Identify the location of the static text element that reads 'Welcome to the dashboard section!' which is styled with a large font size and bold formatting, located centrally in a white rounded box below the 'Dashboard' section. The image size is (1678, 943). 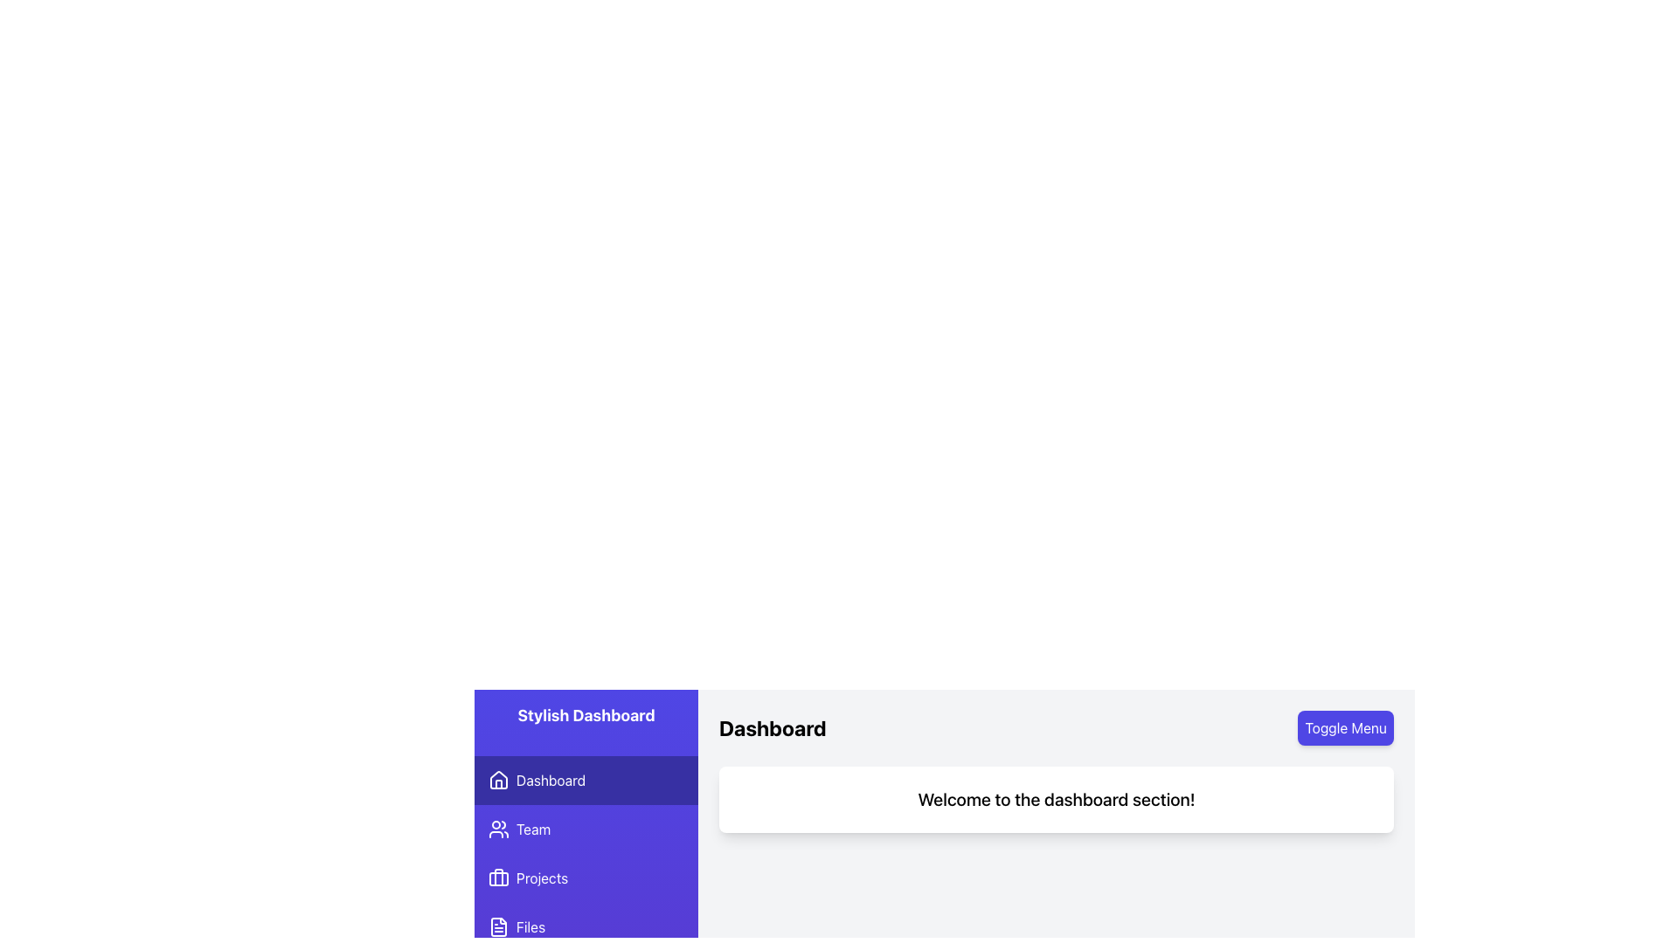
(1056, 799).